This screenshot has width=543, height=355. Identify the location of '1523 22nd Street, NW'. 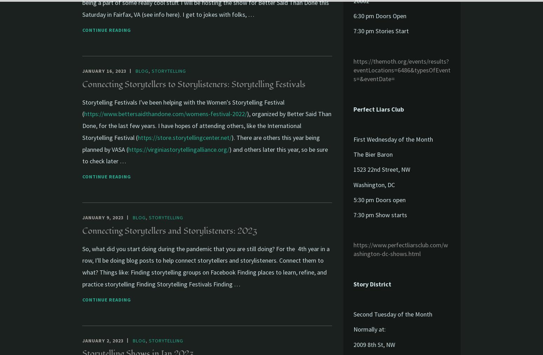
(381, 169).